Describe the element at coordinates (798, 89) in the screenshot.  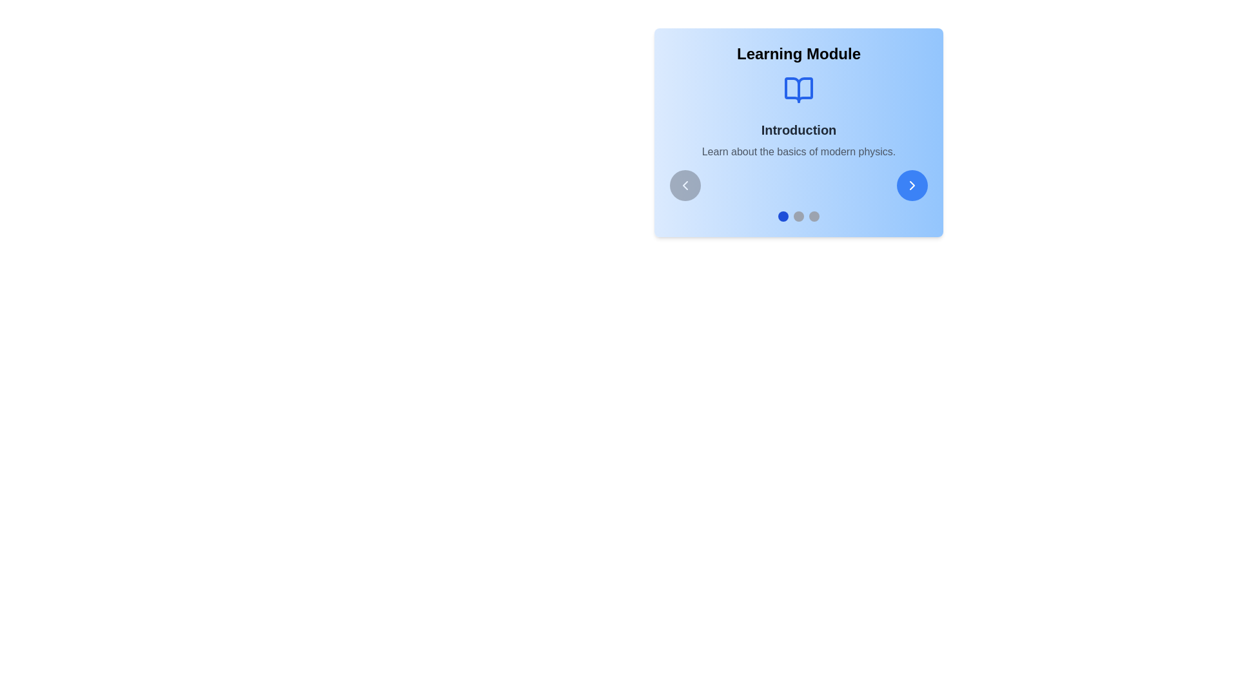
I see `the icon associated with the 'Learning Module' title, which is located below the title and above the 'Introduction' text` at that location.